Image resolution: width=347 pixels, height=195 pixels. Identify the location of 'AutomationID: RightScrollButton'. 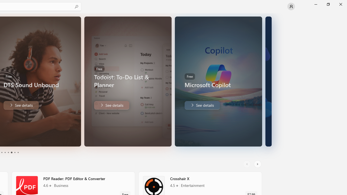
(258, 164).